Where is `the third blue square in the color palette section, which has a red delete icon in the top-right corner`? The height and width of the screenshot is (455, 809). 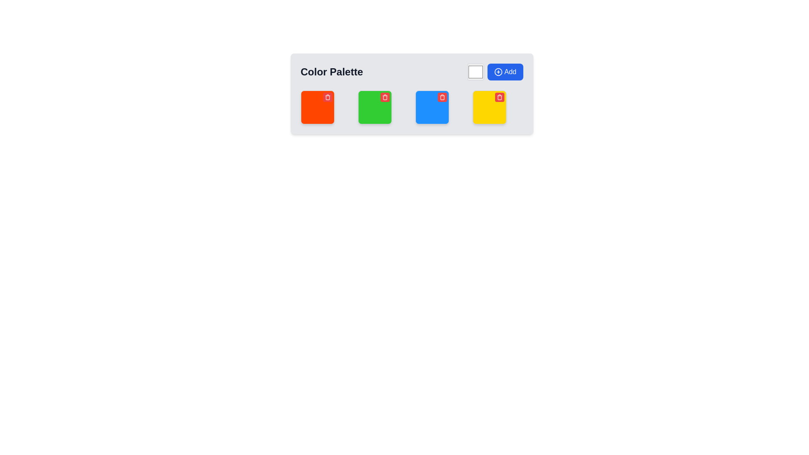
the third blue square in the color palette section, which has a red delete icon in the top-right corner is located at coordinates (412, 94).